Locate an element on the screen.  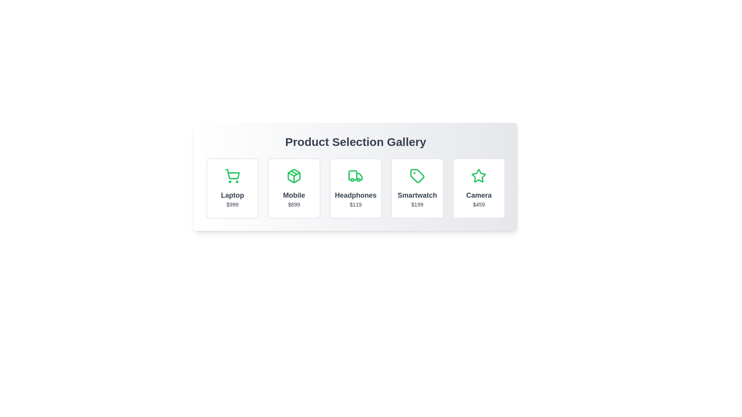
text content of the prominent 'Laptop' label positioned on the leftmost card in the product selection gallery, located below a green shopping cart icon and above the '$999' text is located at coordinates (232, 195).